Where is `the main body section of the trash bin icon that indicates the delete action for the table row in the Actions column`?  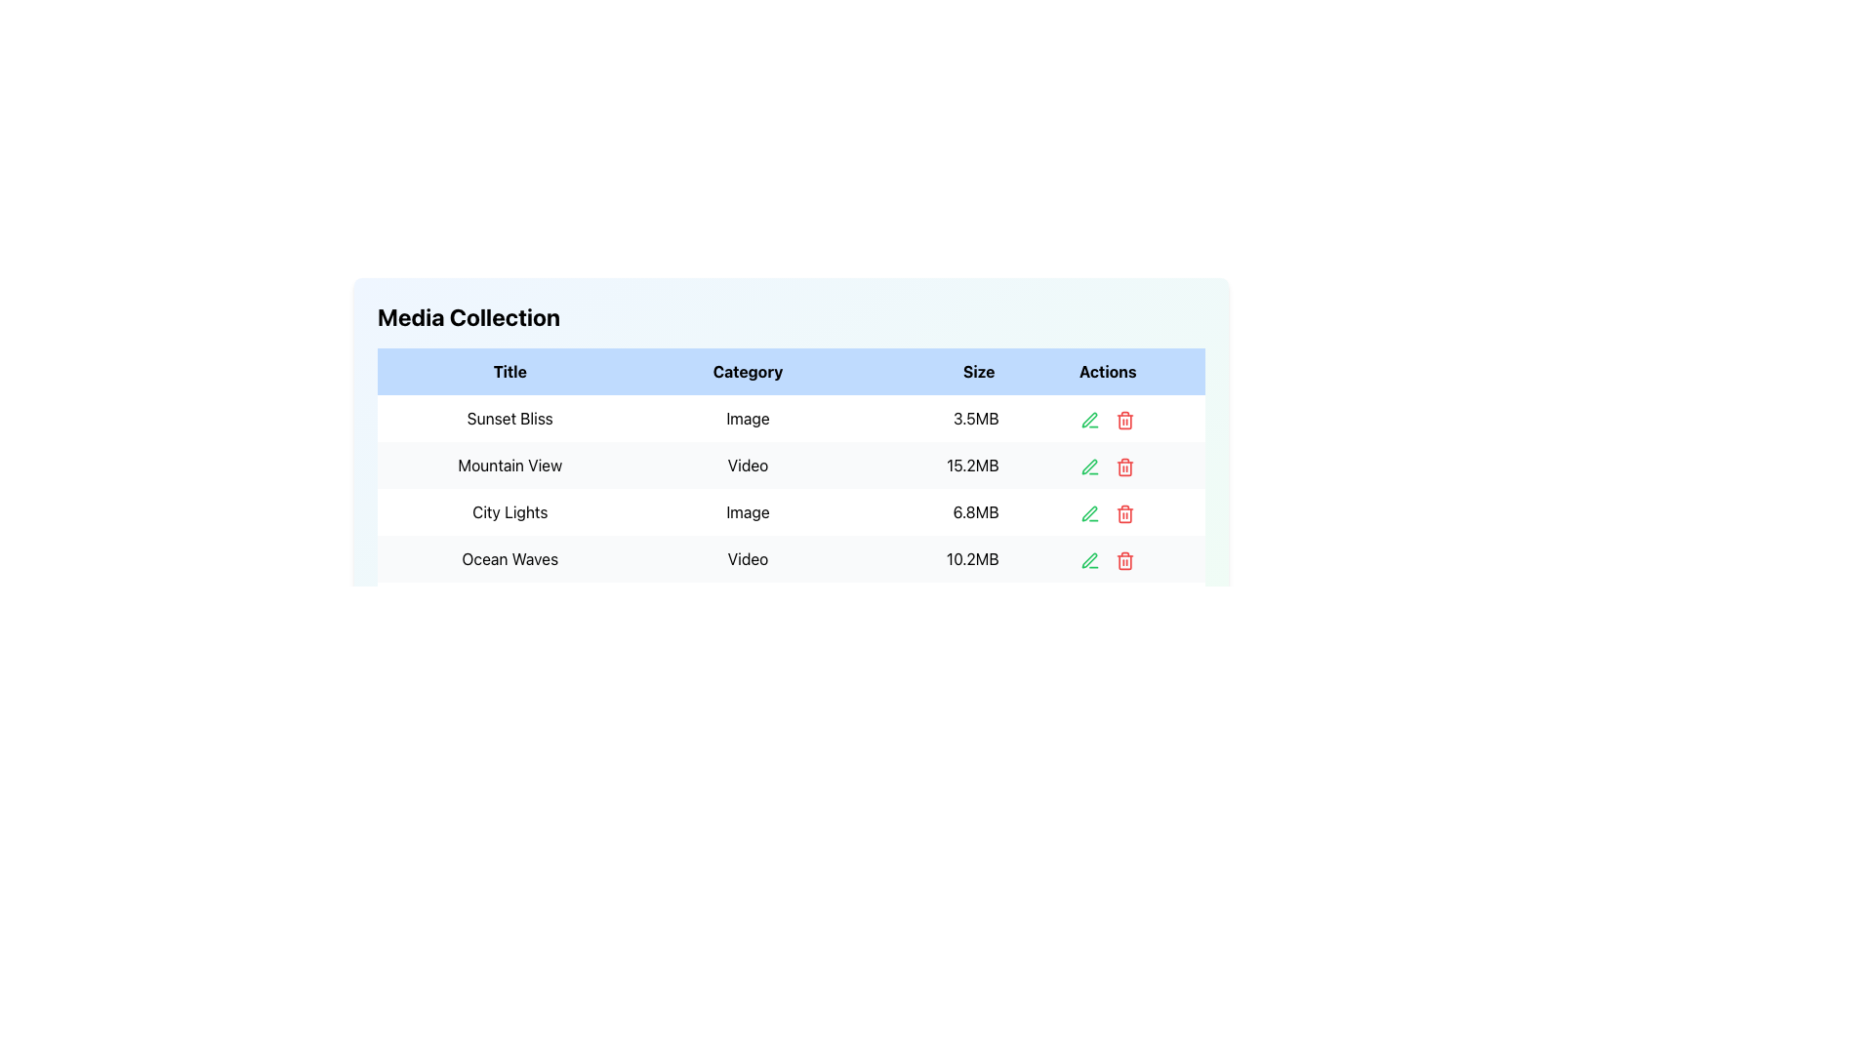 the main body section of the trash bin icon that indicates the delete action for the table row in the Actions column is located at coordinates (1125, 421).